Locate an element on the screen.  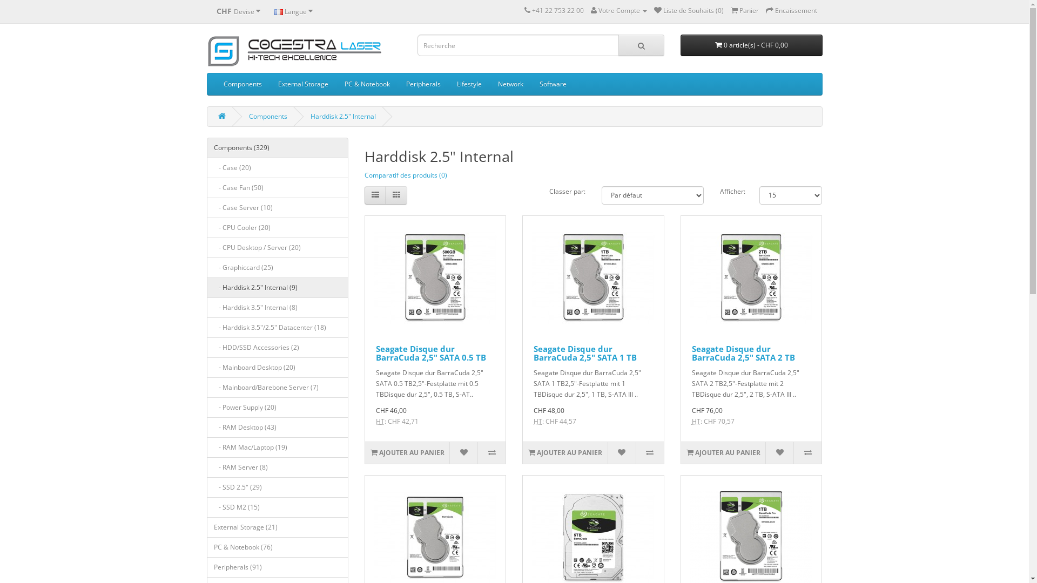
'Cogestra-Laser SA' is located at coordinates (294, 51).